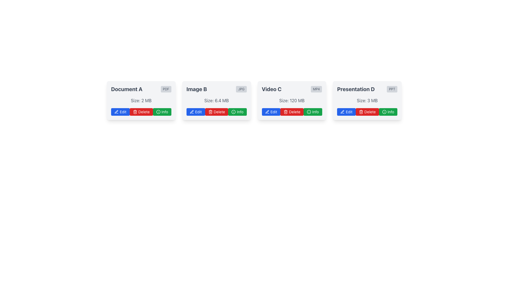 The width and height of the screenshot is (519, 292). I want to click on the PDF format badge located at the top-right corner of the 'Document A' card, so click(166, 89).